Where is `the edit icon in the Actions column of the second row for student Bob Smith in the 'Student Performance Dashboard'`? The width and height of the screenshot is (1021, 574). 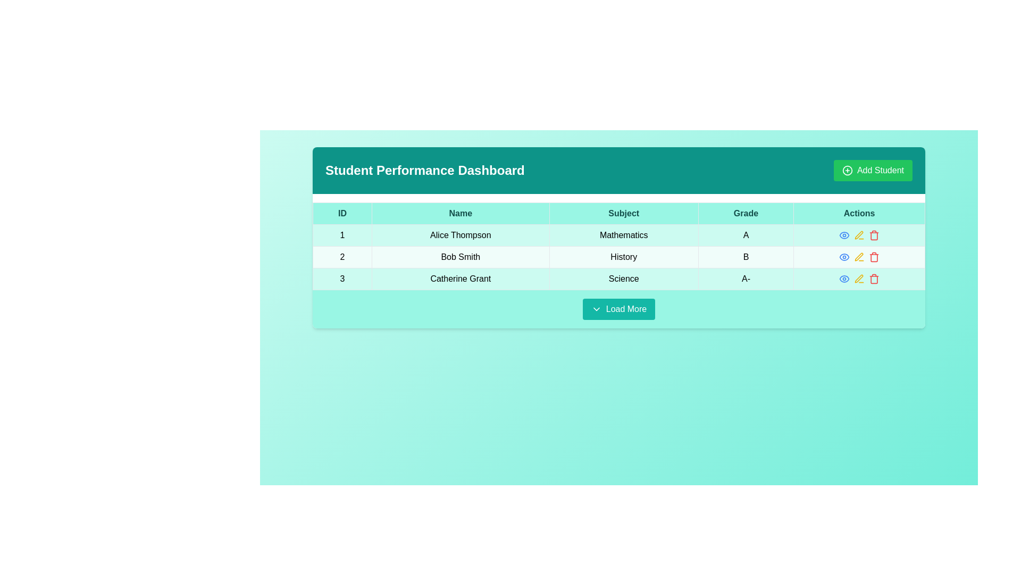 the edit icon in the Actions column of the second row for student Bob Smith in the 'Student Performance Dashboard' is located at coordinates (859, 257).